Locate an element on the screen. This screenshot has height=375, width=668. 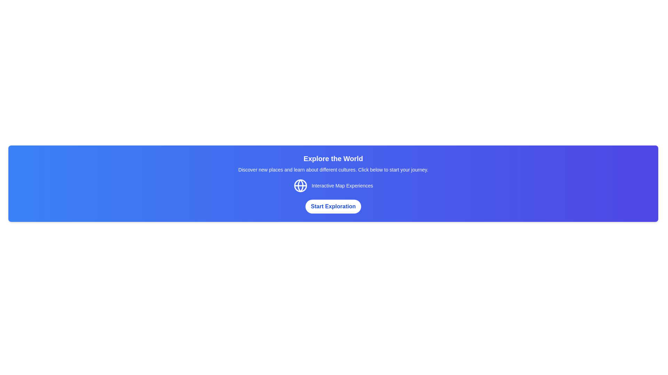
the Icon that represents global or map-related features, located to the left of the 'Interactive Map Experiences' text in the blue section of the page is located at coordinates (300, 185).